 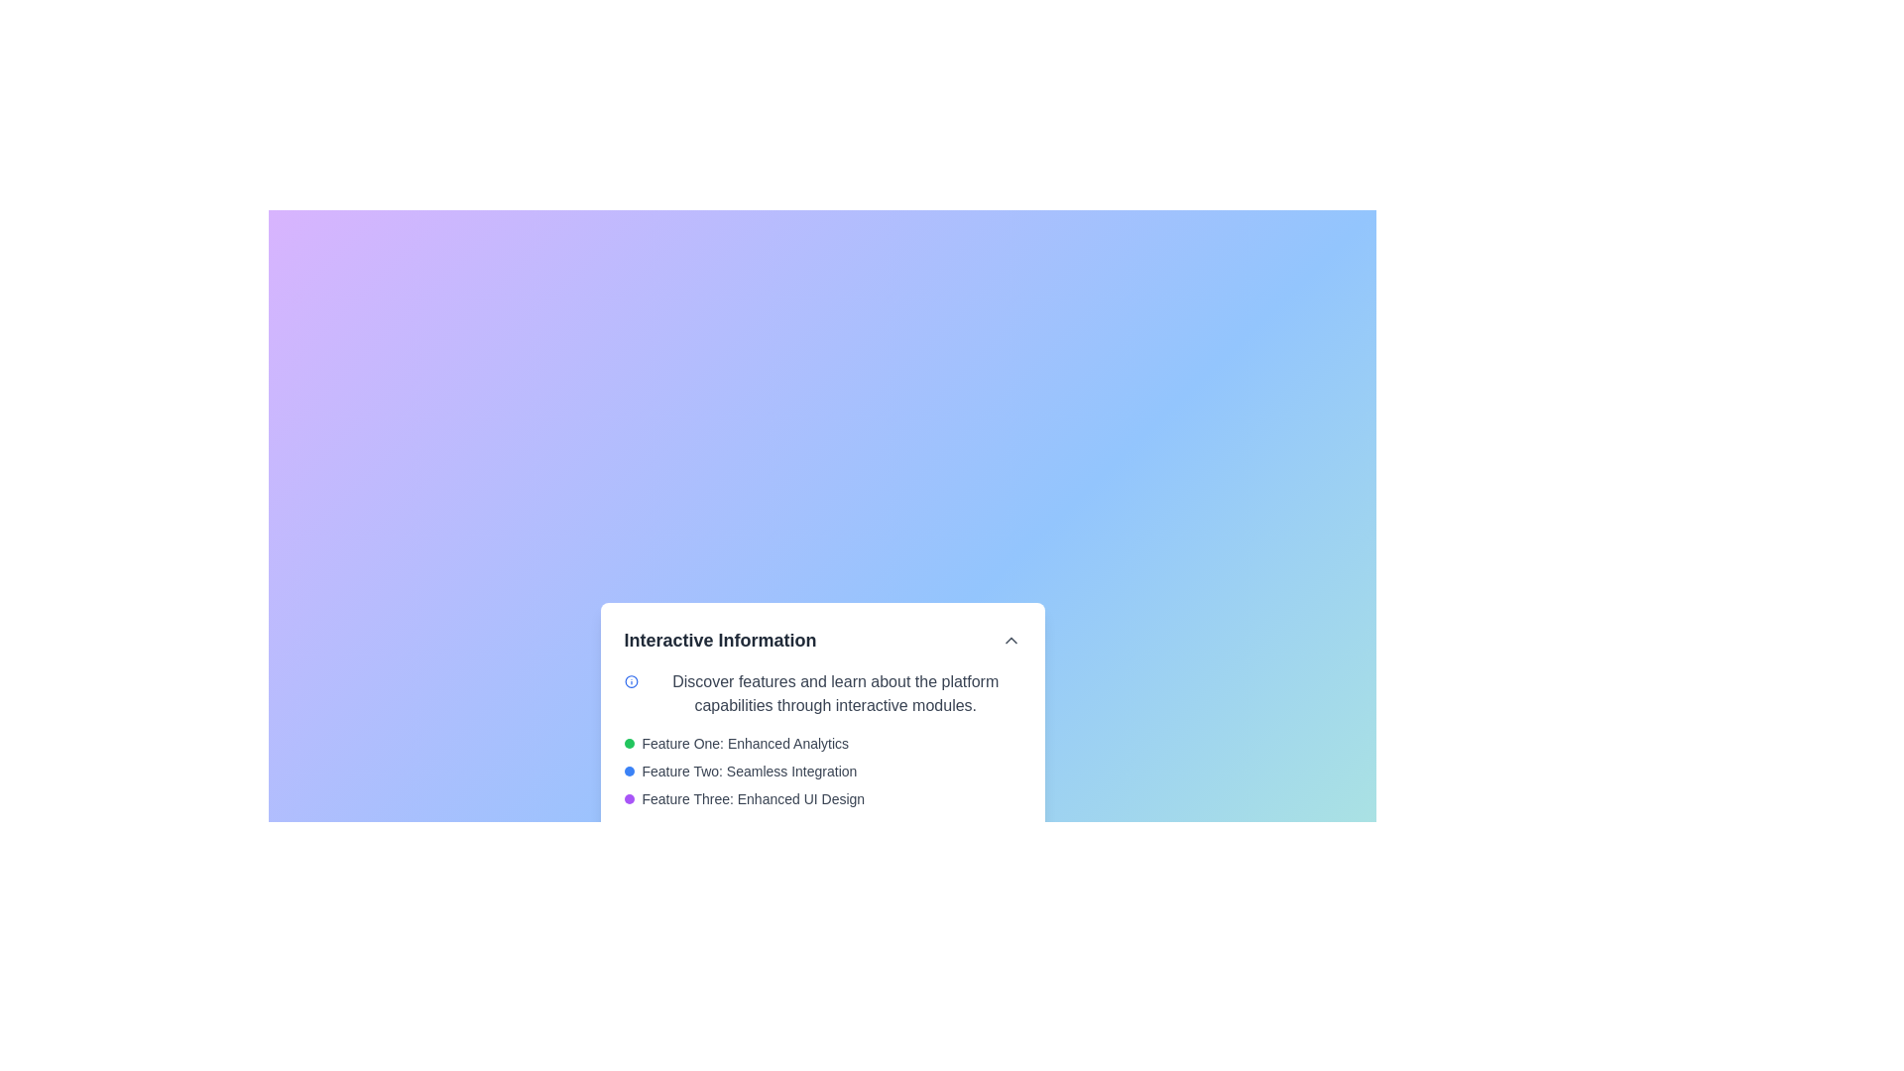 I want to click on the text label that contains 'Feature Three: Enhanced UI Design', styled in small gray font, located in the third position of the features list under the 'Interactive Information' section, so click(x=752, y=798).